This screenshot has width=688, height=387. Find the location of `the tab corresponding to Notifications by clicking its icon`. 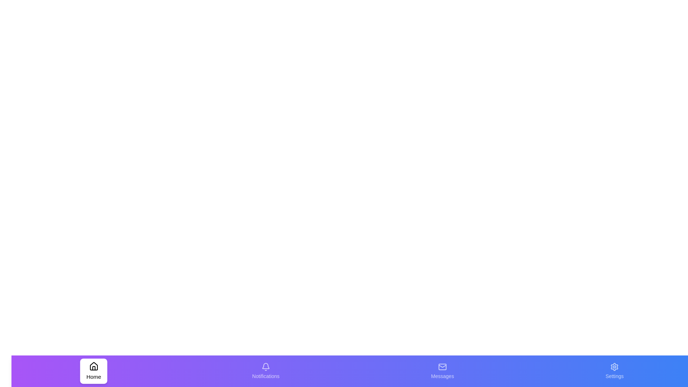

the tab corresponding to Notifications by clicking its icon is located at coordinates (266, 371).